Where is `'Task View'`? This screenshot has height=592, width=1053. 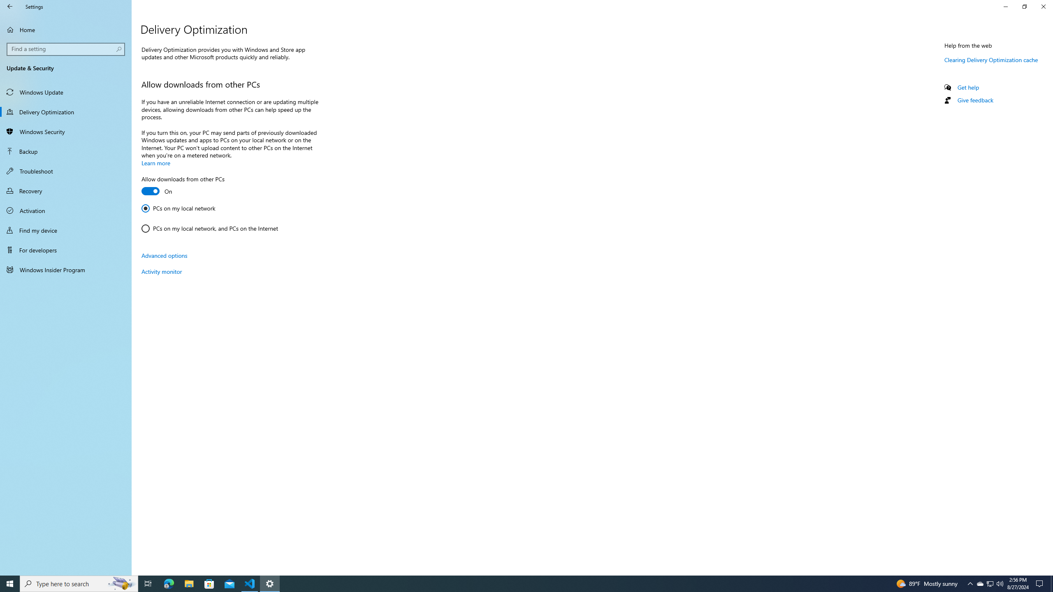 'Task View' is located at coordinates (147, 583).